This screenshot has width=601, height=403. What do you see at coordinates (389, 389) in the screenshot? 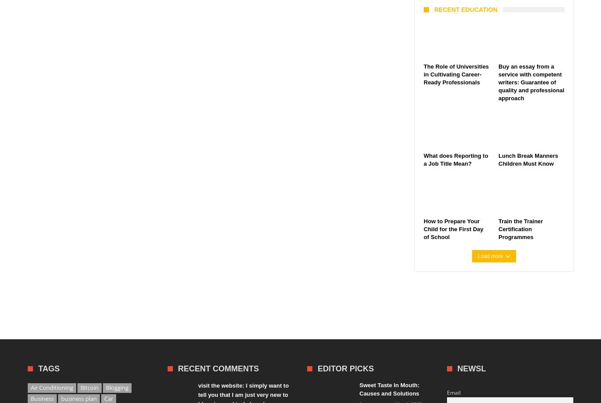
I see `'Sweet Taste In Mouth: Causes and Solutions'` at bounding box center [389, 389].